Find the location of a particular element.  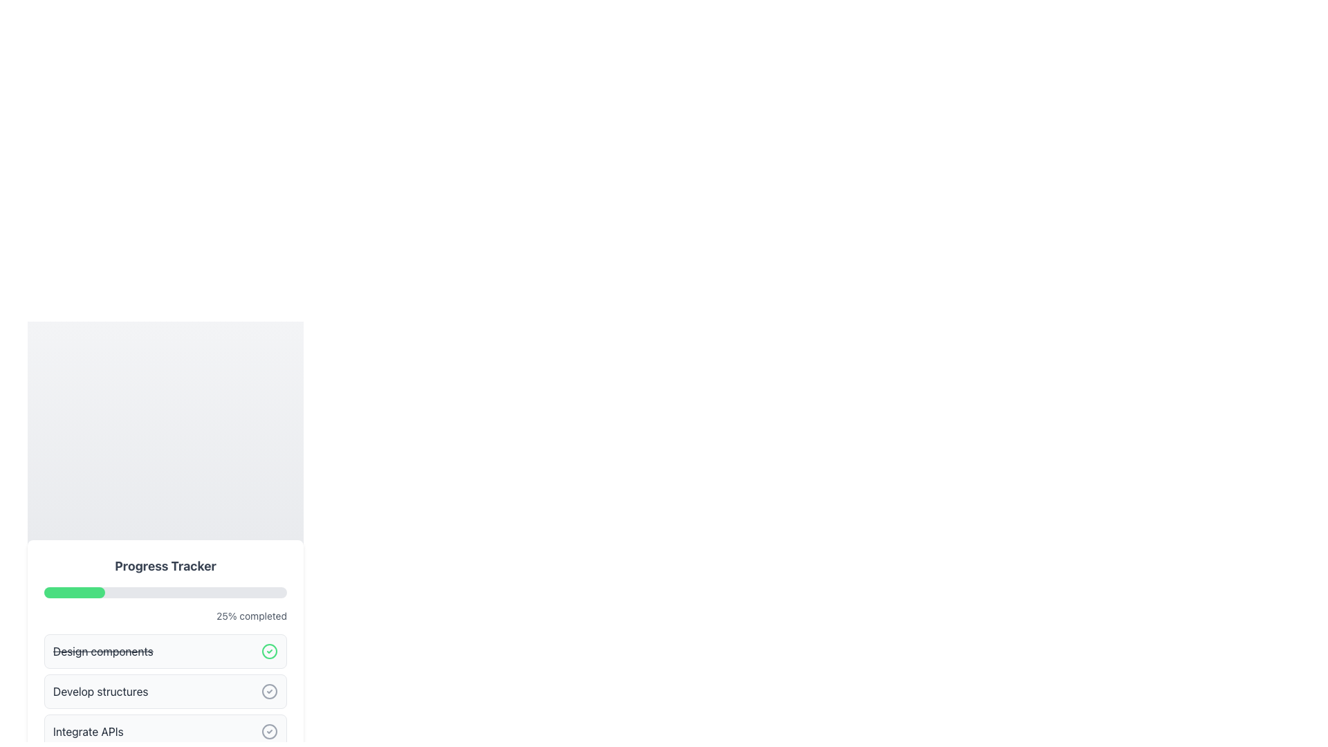

the circular green completion indicator icon with a checkmark, located to the right of 'Design components' in the progress tracker interface is located at coordinates (269, 651).